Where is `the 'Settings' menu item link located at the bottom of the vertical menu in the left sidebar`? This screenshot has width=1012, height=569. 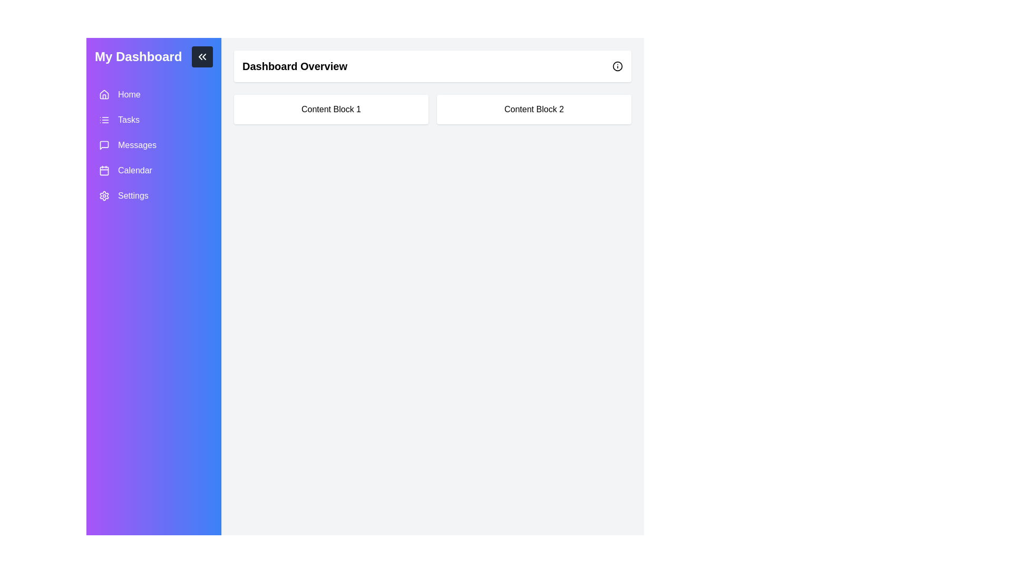
the 'Settings' menu item link located at the bottom of the vertical menu in the left sidebar is located at coordinates (153, 195).